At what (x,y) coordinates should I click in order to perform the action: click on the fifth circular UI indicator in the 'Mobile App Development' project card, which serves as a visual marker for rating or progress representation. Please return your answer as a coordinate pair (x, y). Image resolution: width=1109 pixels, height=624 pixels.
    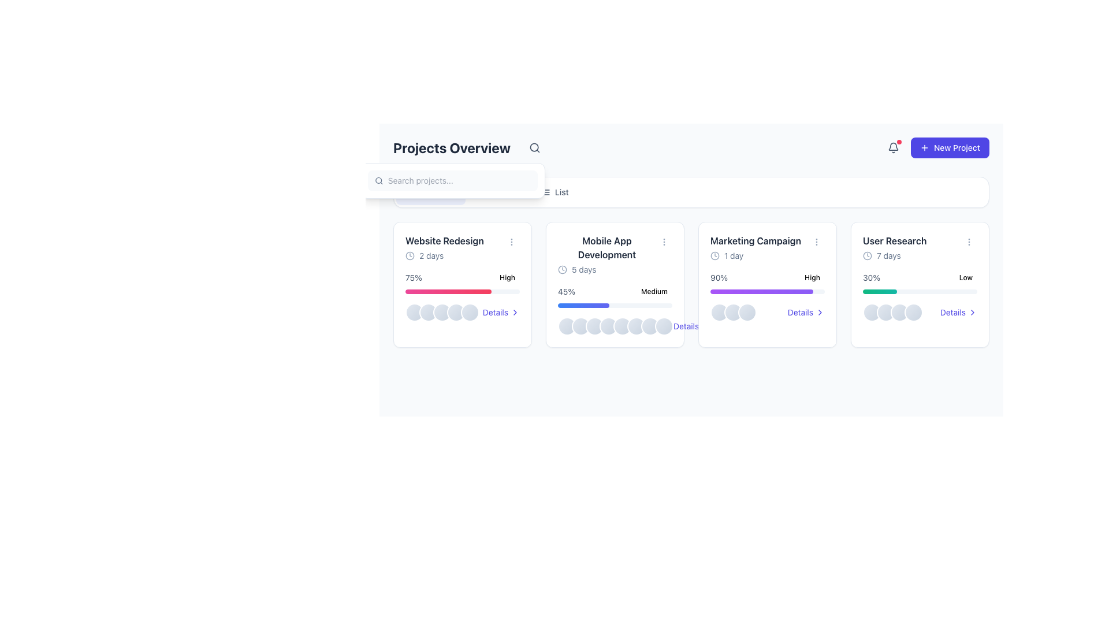
    Looking at the image, I should click on (622, 326).